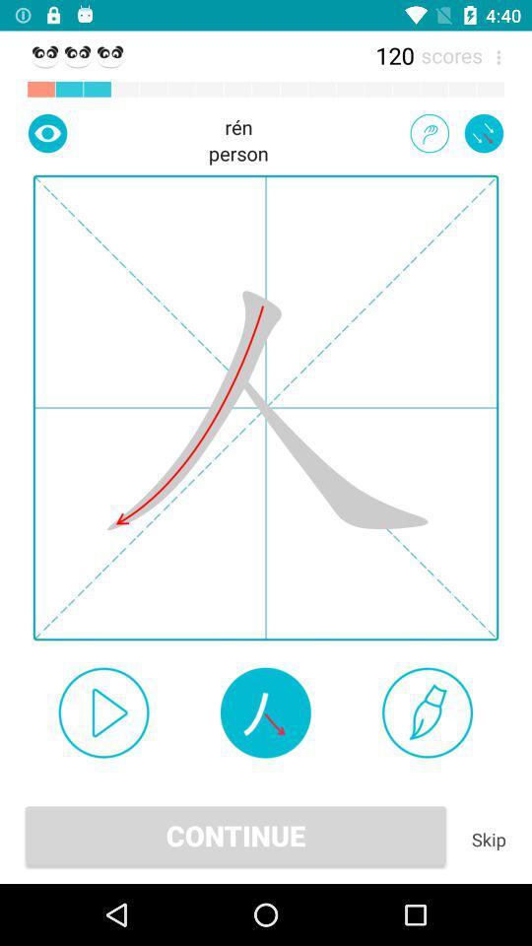 The width and height of the screenshot is (532, 946). What do you see at coordinates (47, 132) in the screenshot?
I see `change view` at bounding box center [47, 132].